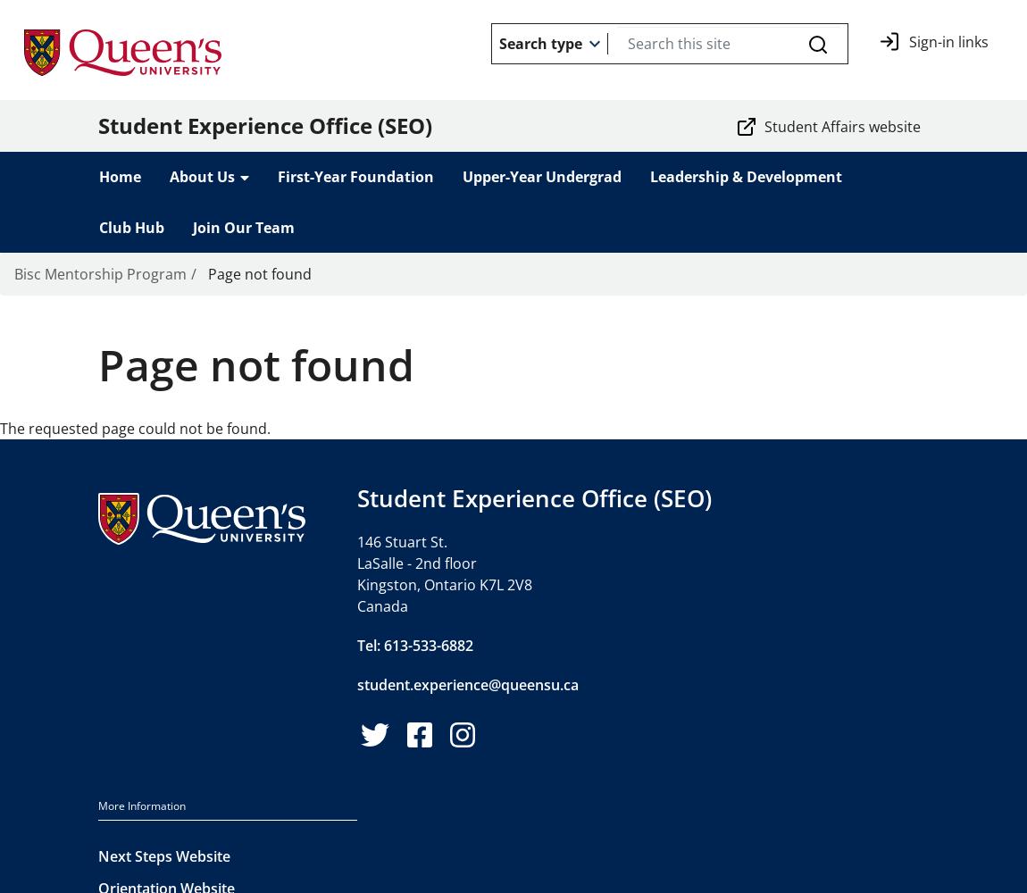 The width and height of the screenshot is (1027, 893). I want to click on 'Canada', so click(382, 605).